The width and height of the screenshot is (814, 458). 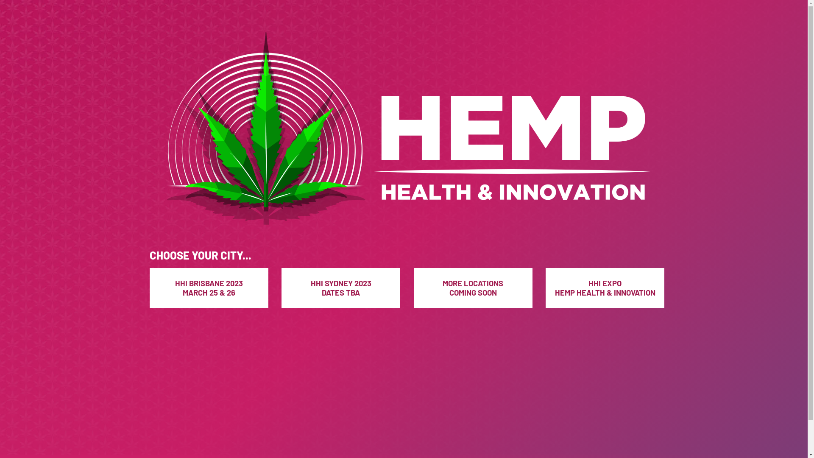 What do you see at coordinates (340, 287) in the screenshot?
I see `'HHI SYDNEY 2023` at bounding box center [340, 287].